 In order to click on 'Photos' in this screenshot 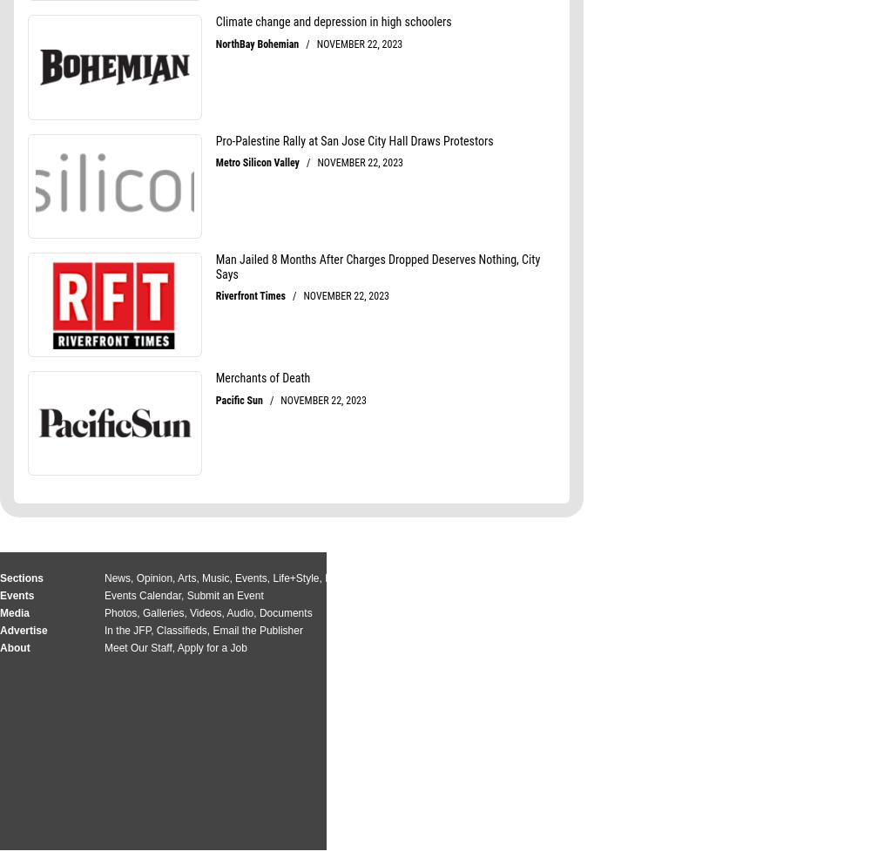, I will do `click(120, 612)`.